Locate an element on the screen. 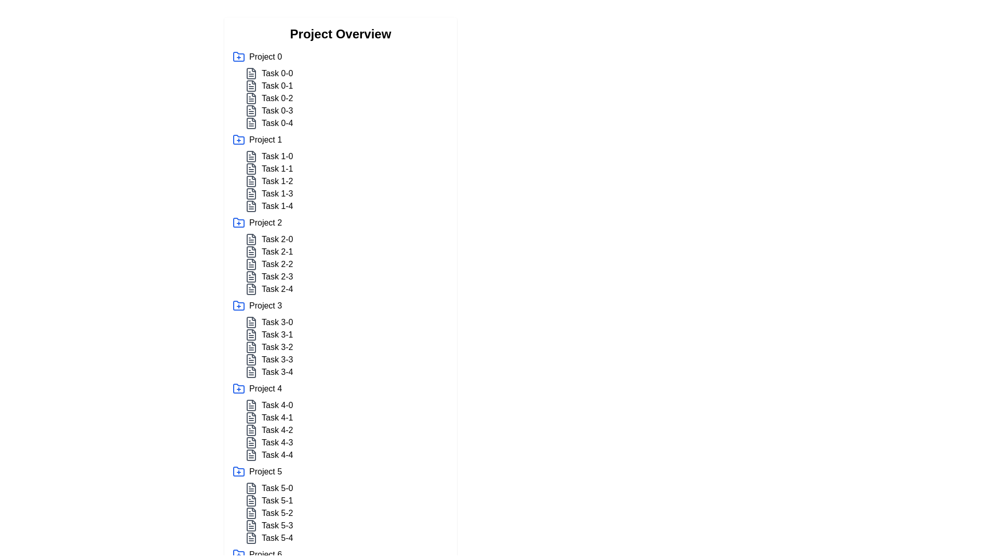 This screenshot has height=560, width=997. the static text element displaying 'Task 3-0', which is the first item under 'Project 3' in the project management interface is located at coordinates (277, 321).